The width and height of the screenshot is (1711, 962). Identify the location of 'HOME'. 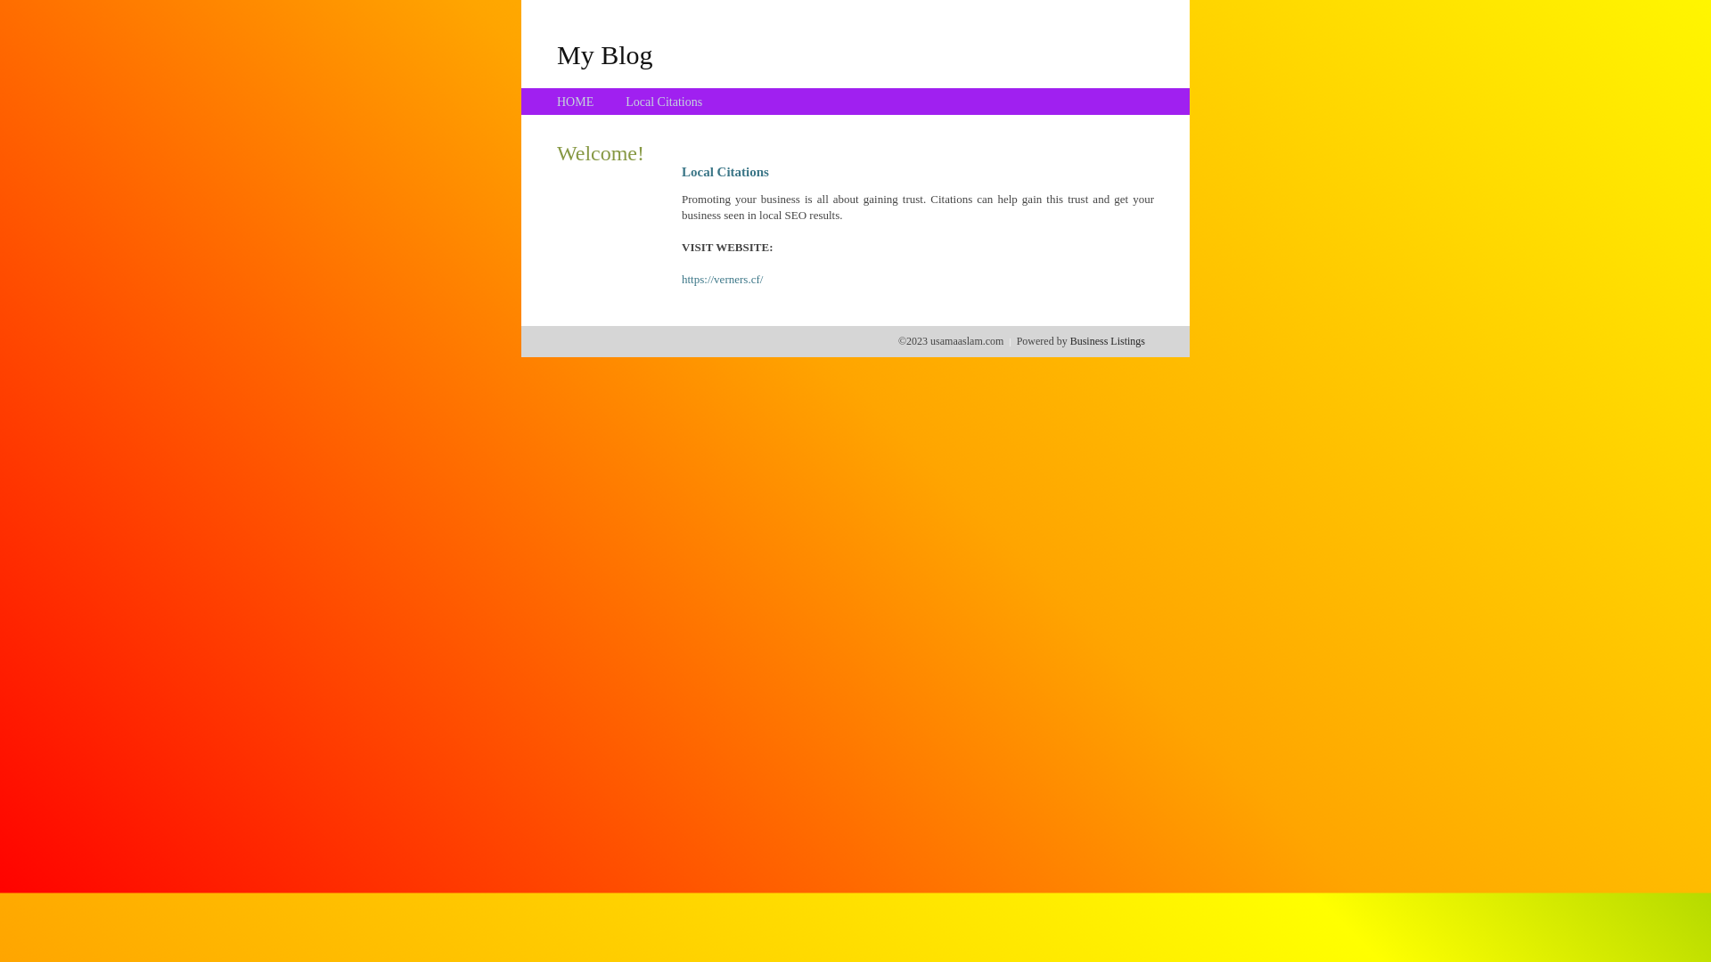
(575, 102).